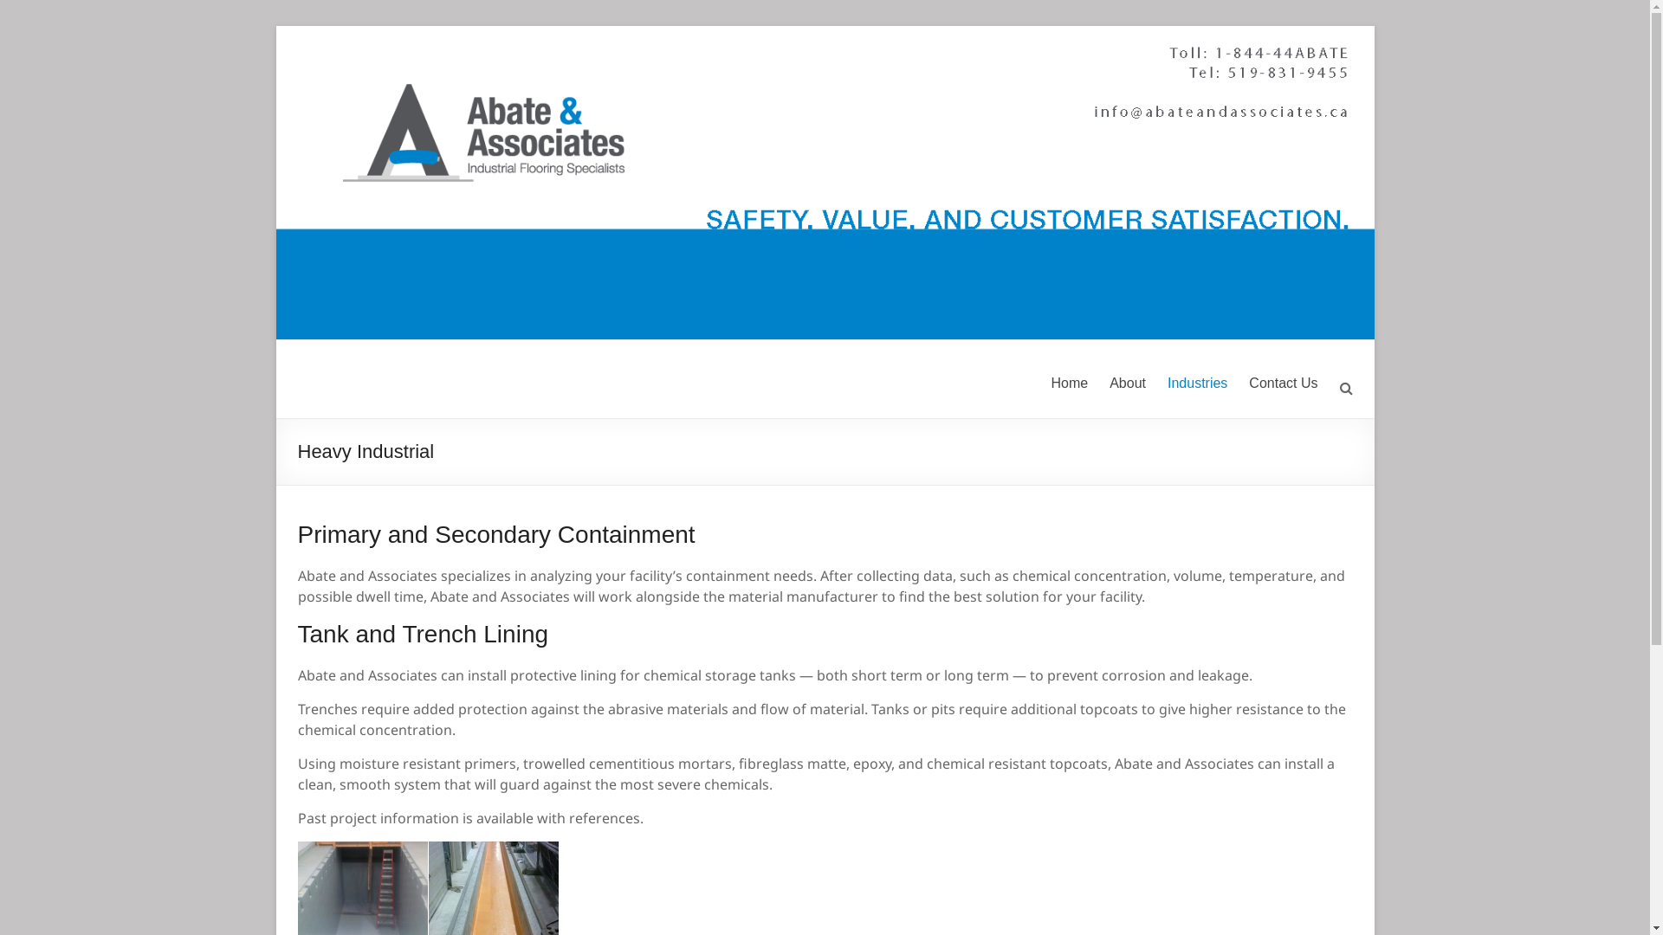 The image size is (1663, 935). What do you see at coordinates (274, 25) in the screenshot?
I see `'Skip to content'` at bounding box center [274, 25].